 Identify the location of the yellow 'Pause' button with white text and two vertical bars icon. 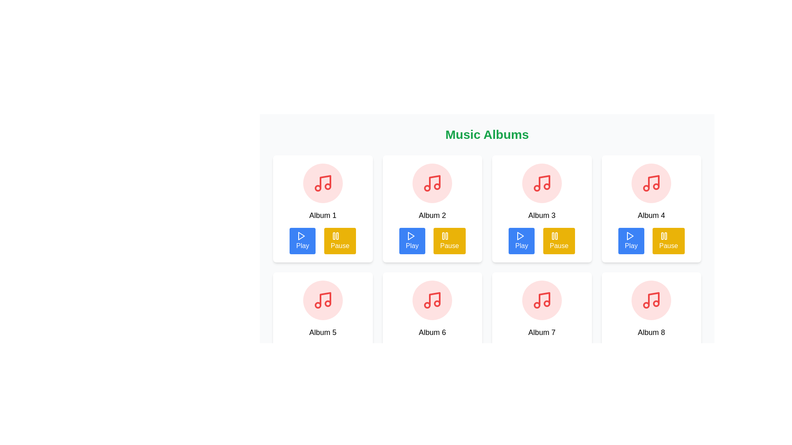
(449, 241).